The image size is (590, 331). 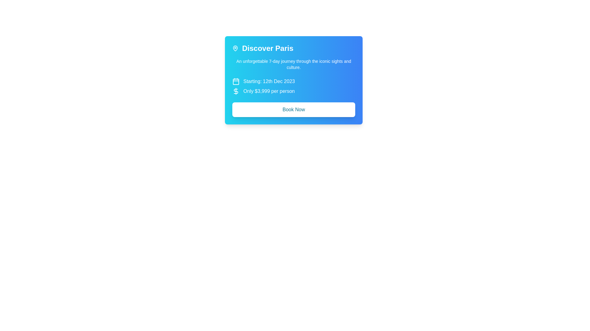 I want to click on the informative text element displaying 'Only $3,999 per person' with a dollar sign icon, located below 'Starting: 12th Dec 2023', so click(x=293, y=91).